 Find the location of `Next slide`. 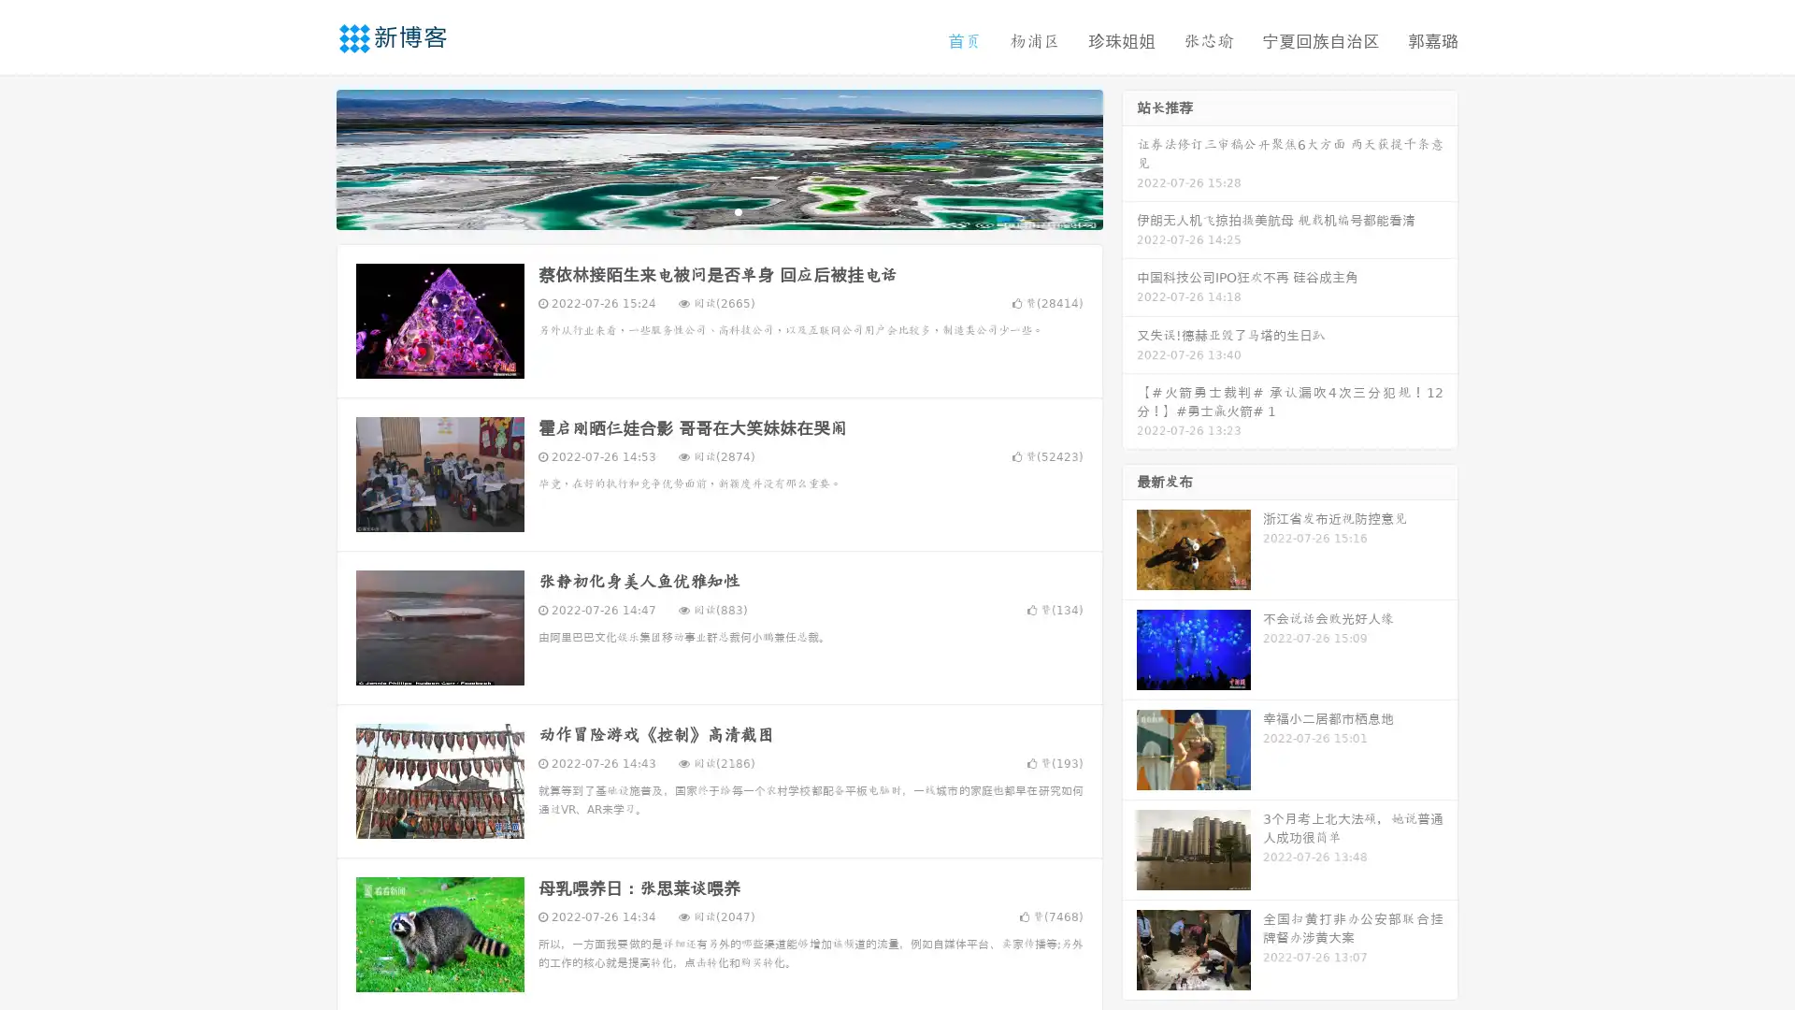

Next slide is located at coordinates (1129, 157).